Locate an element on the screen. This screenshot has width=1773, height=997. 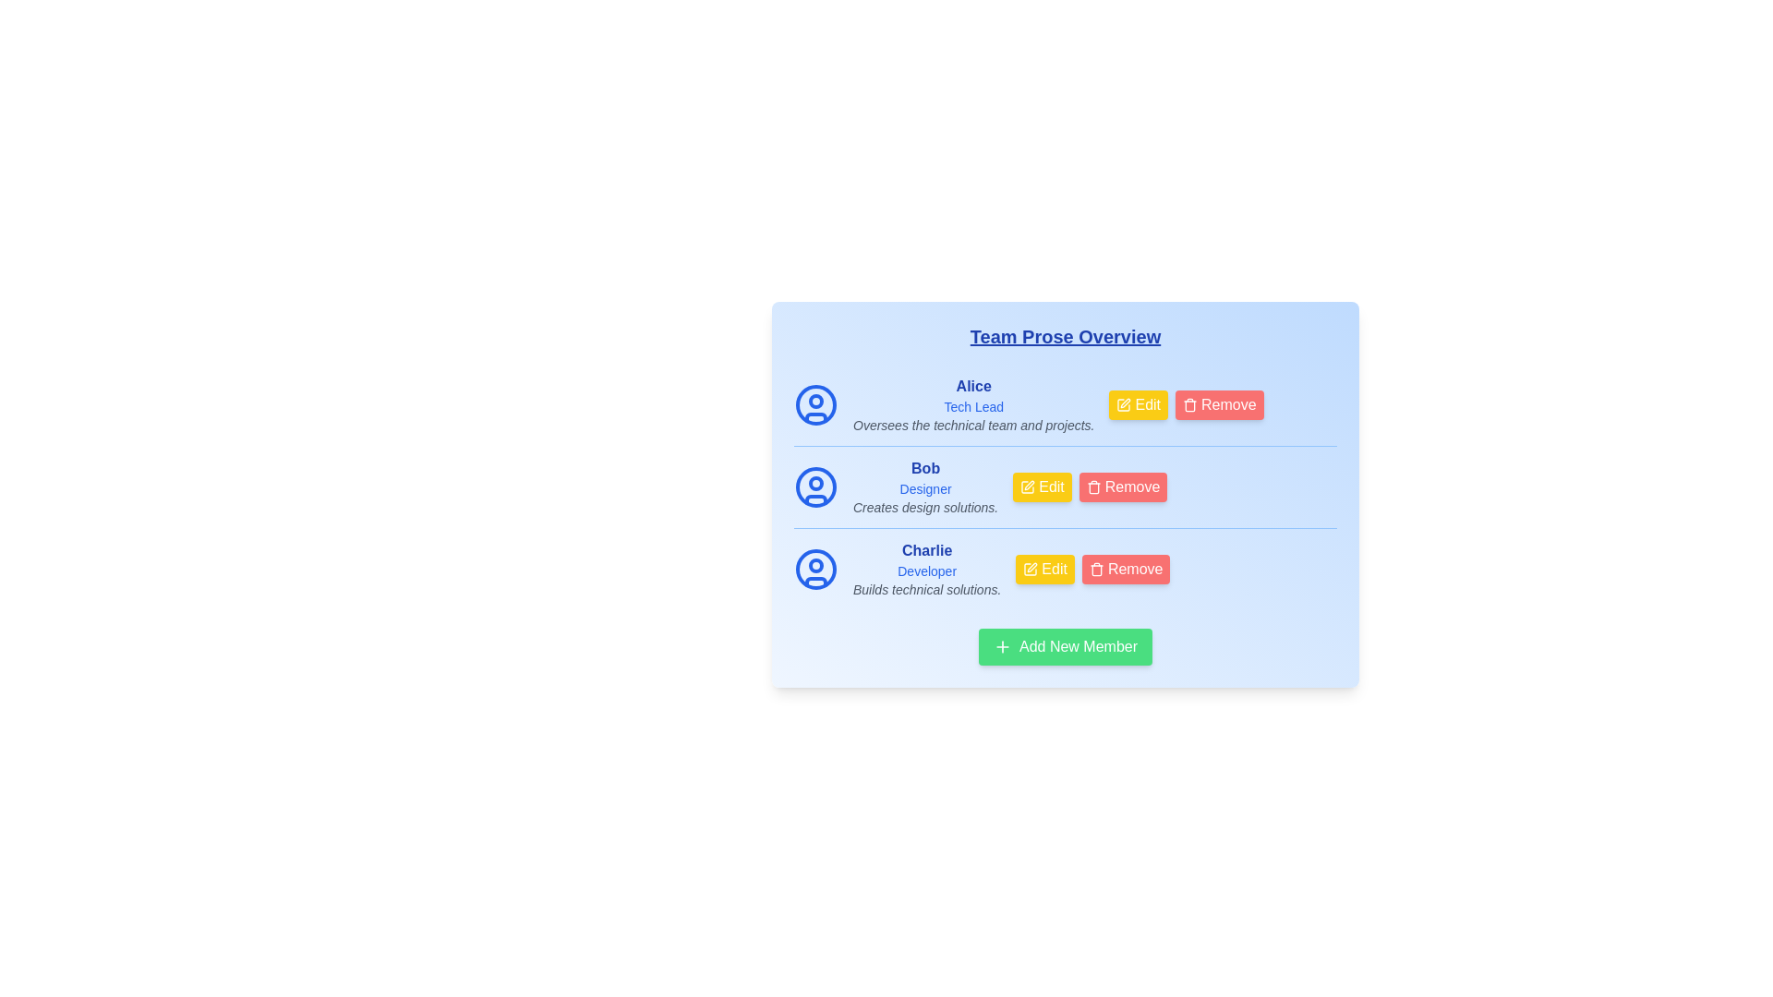
the small red circular detail within Alice's user icon in the Team Prose Overview is located at coordinates (814, 401).